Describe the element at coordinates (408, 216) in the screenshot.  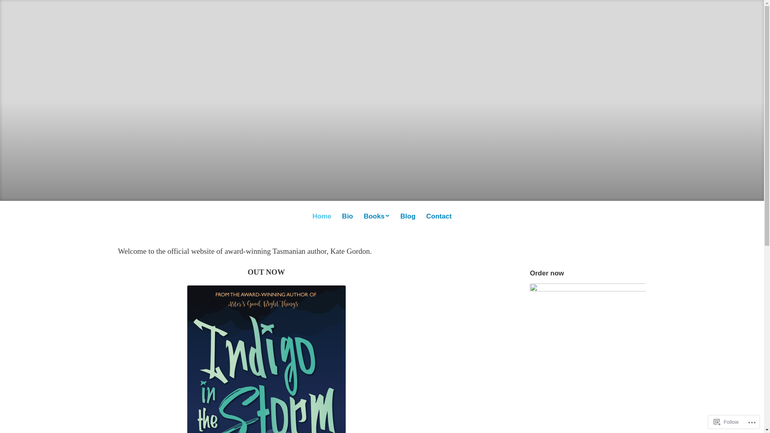
I see `'Blog'` at that location.